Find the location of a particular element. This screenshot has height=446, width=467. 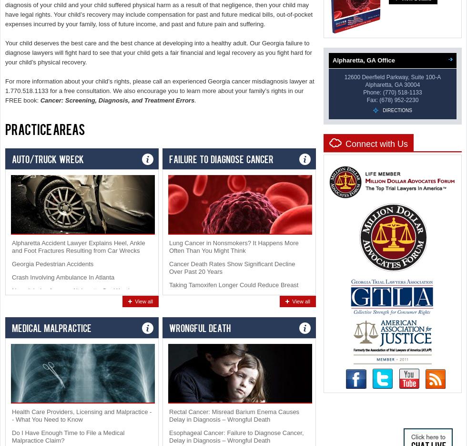

'(678) 952-2230' is located at coordinates (399, 100).